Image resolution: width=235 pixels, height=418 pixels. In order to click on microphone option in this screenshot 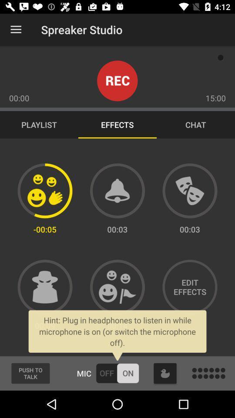, I will do `click(117, 373)`.